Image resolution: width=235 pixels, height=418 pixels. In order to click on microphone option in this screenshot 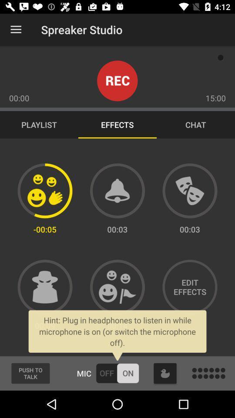, I will do `click(117, 373)`.